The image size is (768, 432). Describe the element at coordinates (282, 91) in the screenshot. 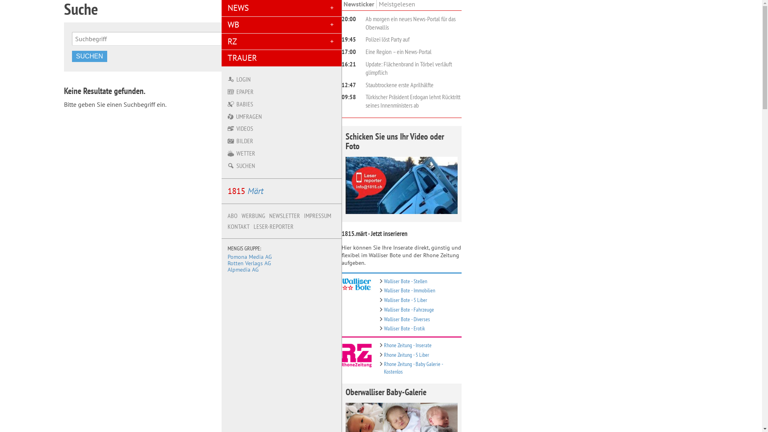

I see `'EPAPER'` at that location.